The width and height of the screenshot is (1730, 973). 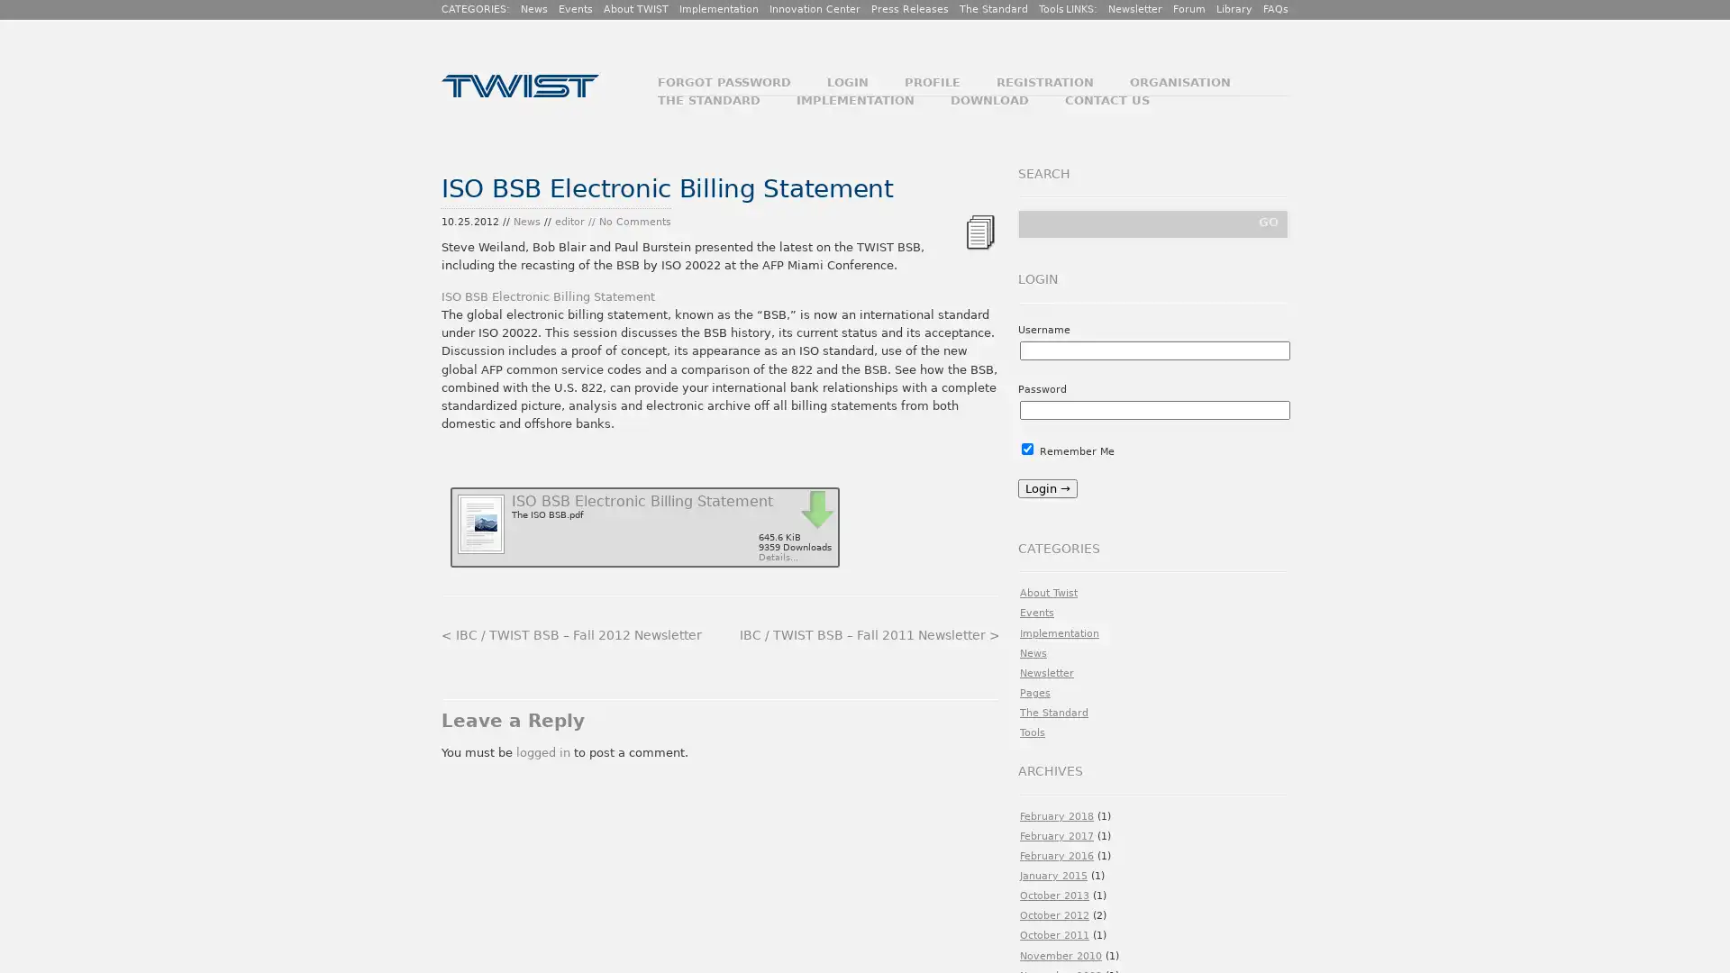 What do you see at coordinates (1267, 221) in the screenshot?
I see `GO` at bounding box center [1267, 221].